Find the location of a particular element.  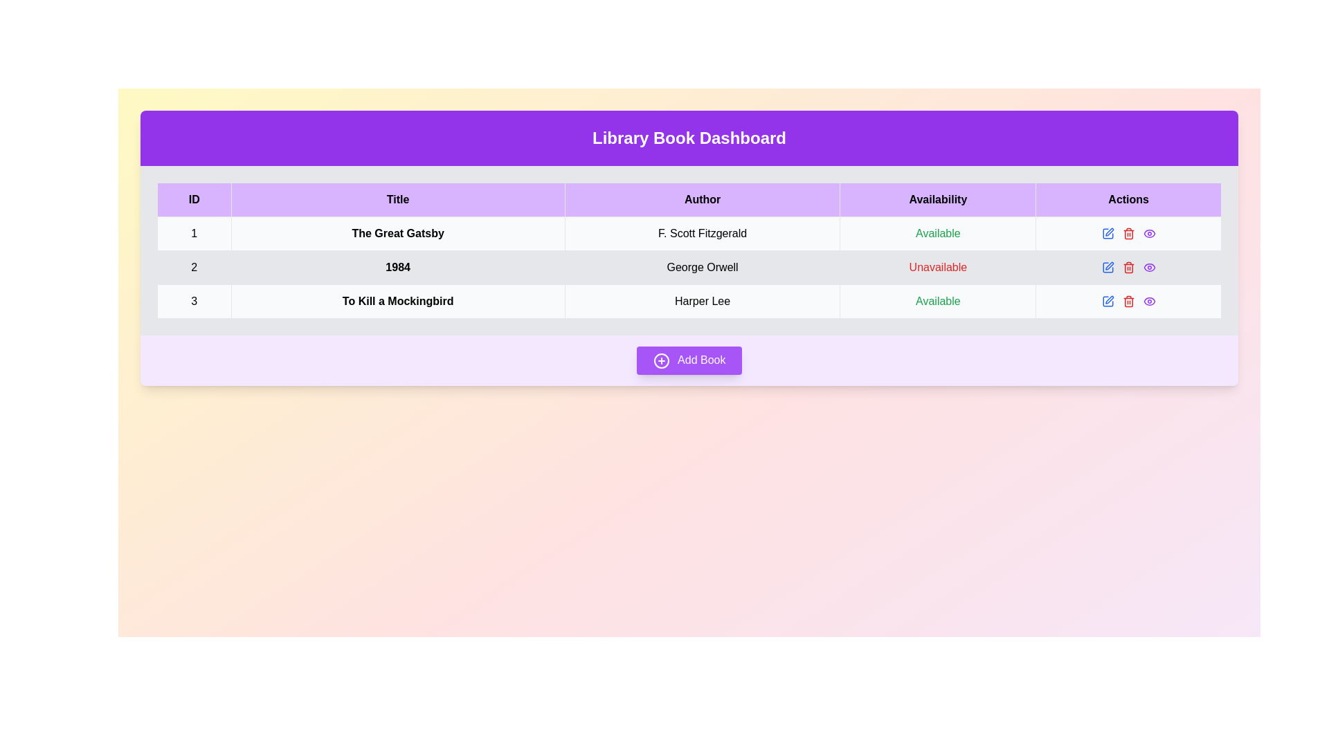

text of the Table Header Cell labeled 'Availability', which is the fourth column in the header row of the table layout is located at coordinates (938, 200).